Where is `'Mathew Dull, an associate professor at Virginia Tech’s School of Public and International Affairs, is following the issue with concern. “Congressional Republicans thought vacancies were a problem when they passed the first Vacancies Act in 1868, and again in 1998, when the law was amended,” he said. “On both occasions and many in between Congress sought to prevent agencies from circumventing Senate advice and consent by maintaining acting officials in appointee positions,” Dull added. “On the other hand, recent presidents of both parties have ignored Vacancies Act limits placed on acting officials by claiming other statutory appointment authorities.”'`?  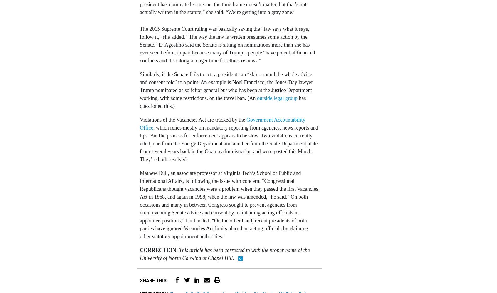 'Mathew Dull, an associate professor at Virginia Tech’s School of Public and International Affairs, is following the issue with concern. “Congressional Republicans thought vacancies were a problem when they passed the first Vacancies Act in 1868, and again in 1998, when the law was amended,” he said. “On both occasions and many in between Congress sought to prevent agencies from circumventing Senate advice and consent by maintaining acting officials in appointee positions,” Dull added. “On the other hand, recent presidents of both parties have ignored Vacancies Act limits placed on acting officials by claiming other statutory appointment authorities.”' is located at coordinates (229, 204).